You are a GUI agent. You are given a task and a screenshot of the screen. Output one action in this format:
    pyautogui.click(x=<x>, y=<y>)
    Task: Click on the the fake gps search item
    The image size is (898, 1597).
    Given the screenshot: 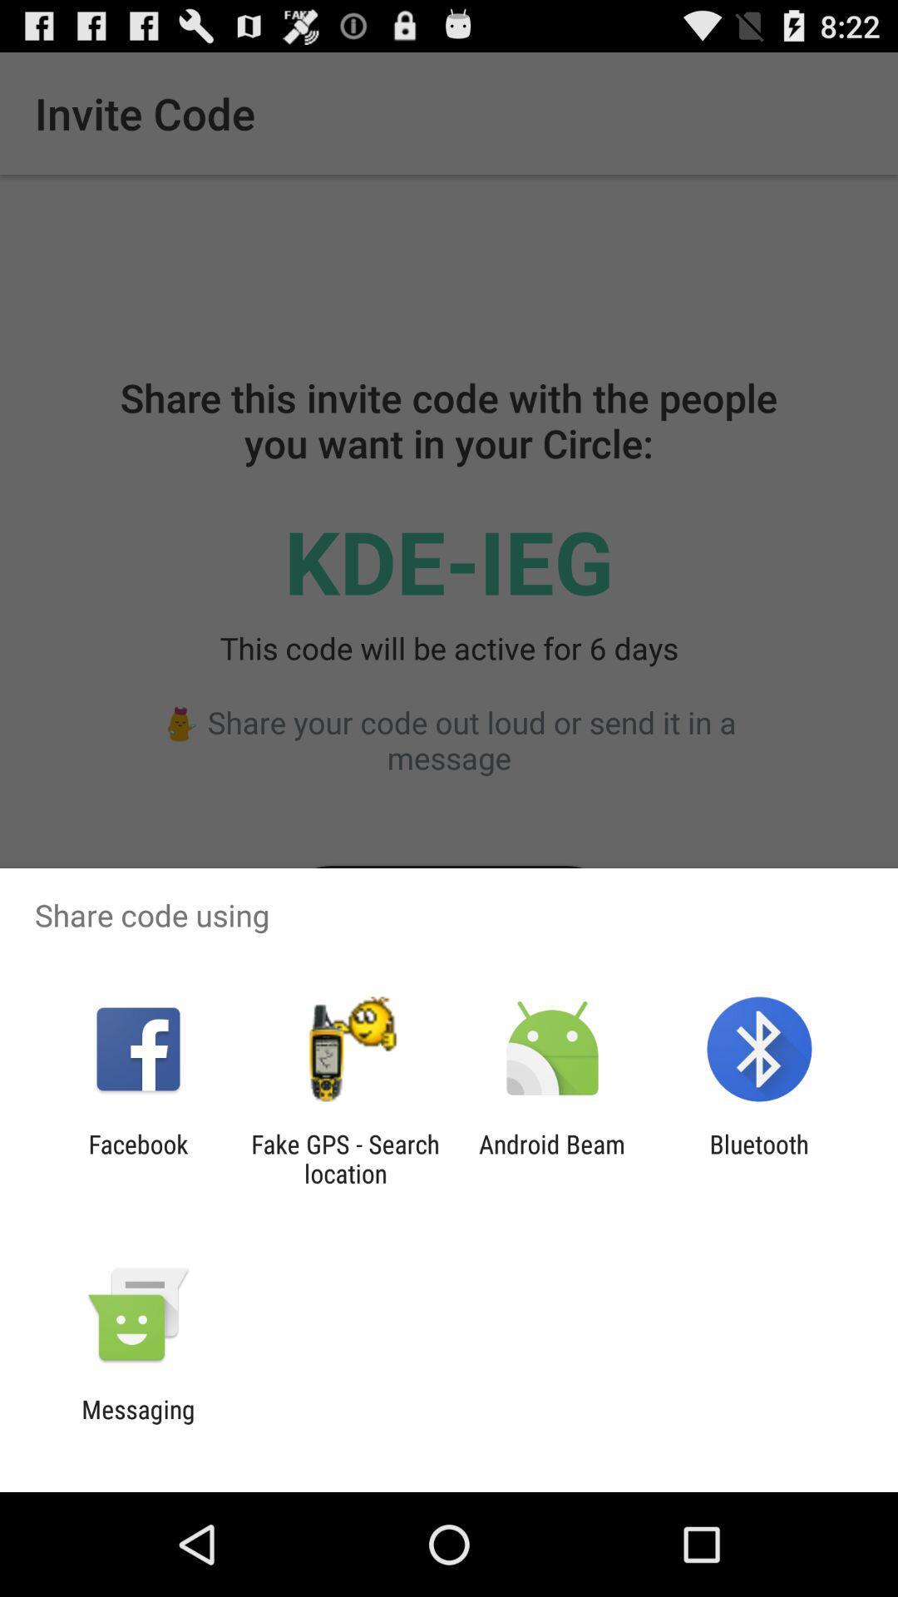 What is the action you would take?
    pyautogui.click(x=344, y=1158)
    